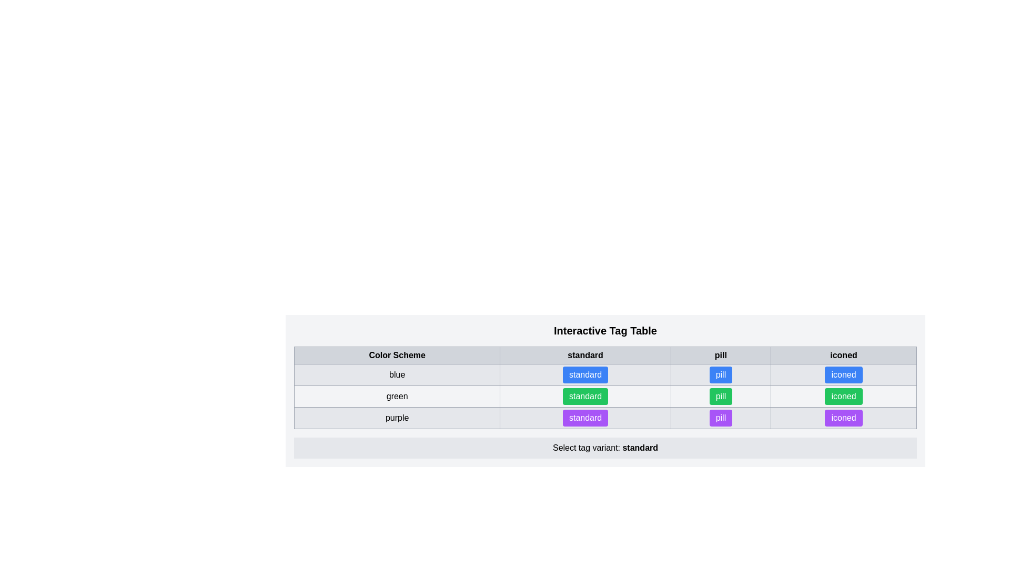  What do you see at coordinates (585, 396) in the screenshot?
I see `the 'standard' green button with white text in the second column of the 'Interactive Tag Table'` at bounding box center [585, 396].